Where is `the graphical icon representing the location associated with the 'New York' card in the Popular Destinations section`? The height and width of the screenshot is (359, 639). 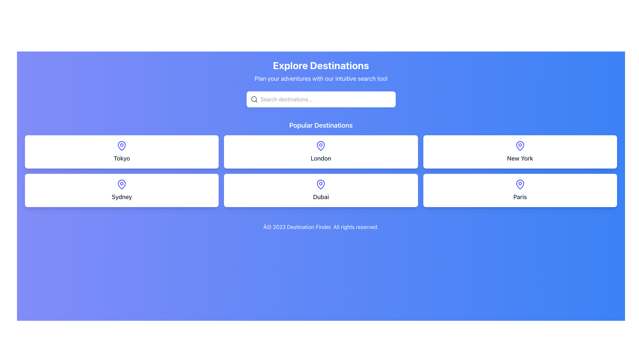
the graphical icon representing the location associated with the 'New York' card in the Popular Destinations section is located at coordinates (520, 146).